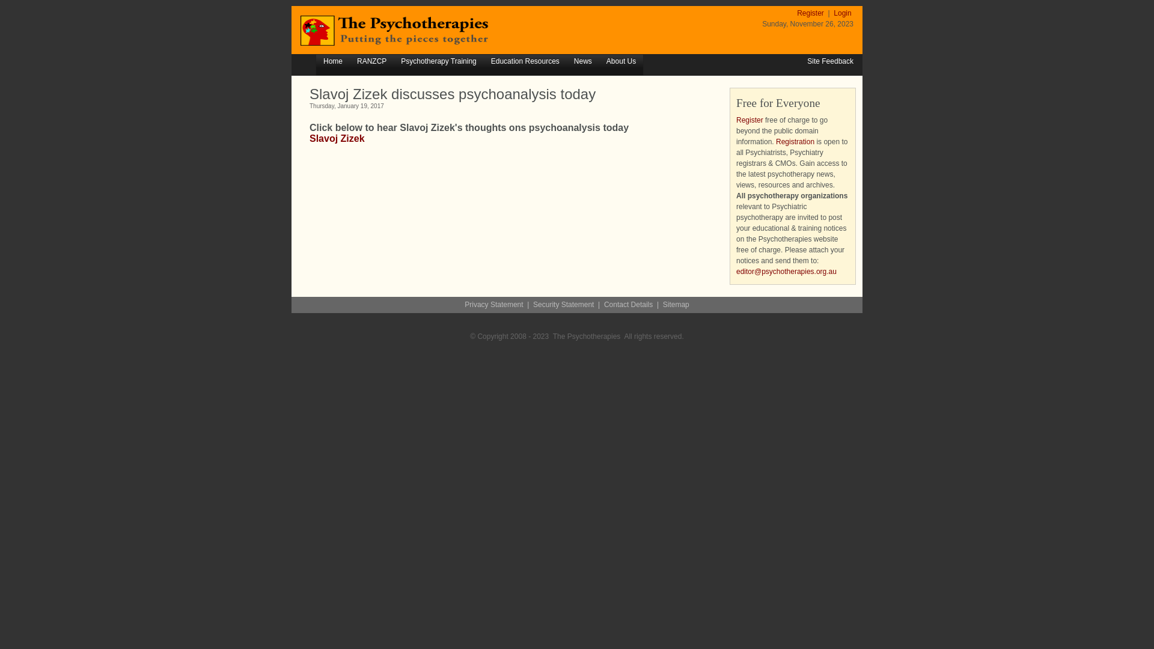  Describe the element at coordinates (332, 62) in the screenshot. I see `'Home'` at that location.